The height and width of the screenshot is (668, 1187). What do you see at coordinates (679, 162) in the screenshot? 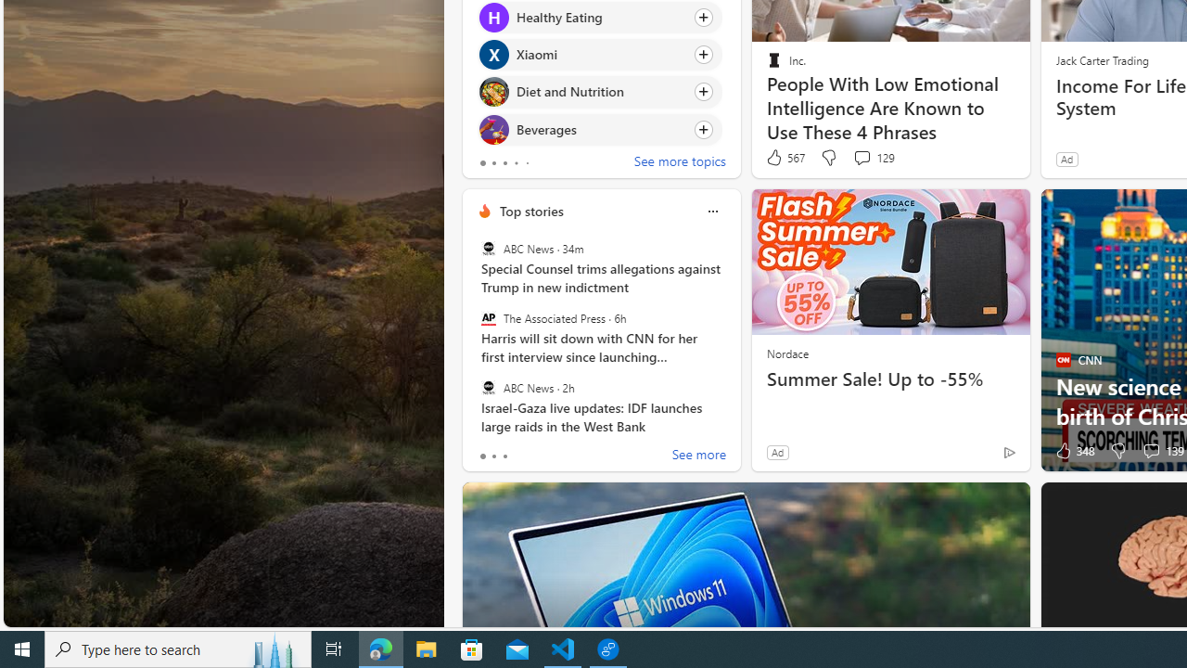
I see `'See more topics'` at bounding box center [679, 162].